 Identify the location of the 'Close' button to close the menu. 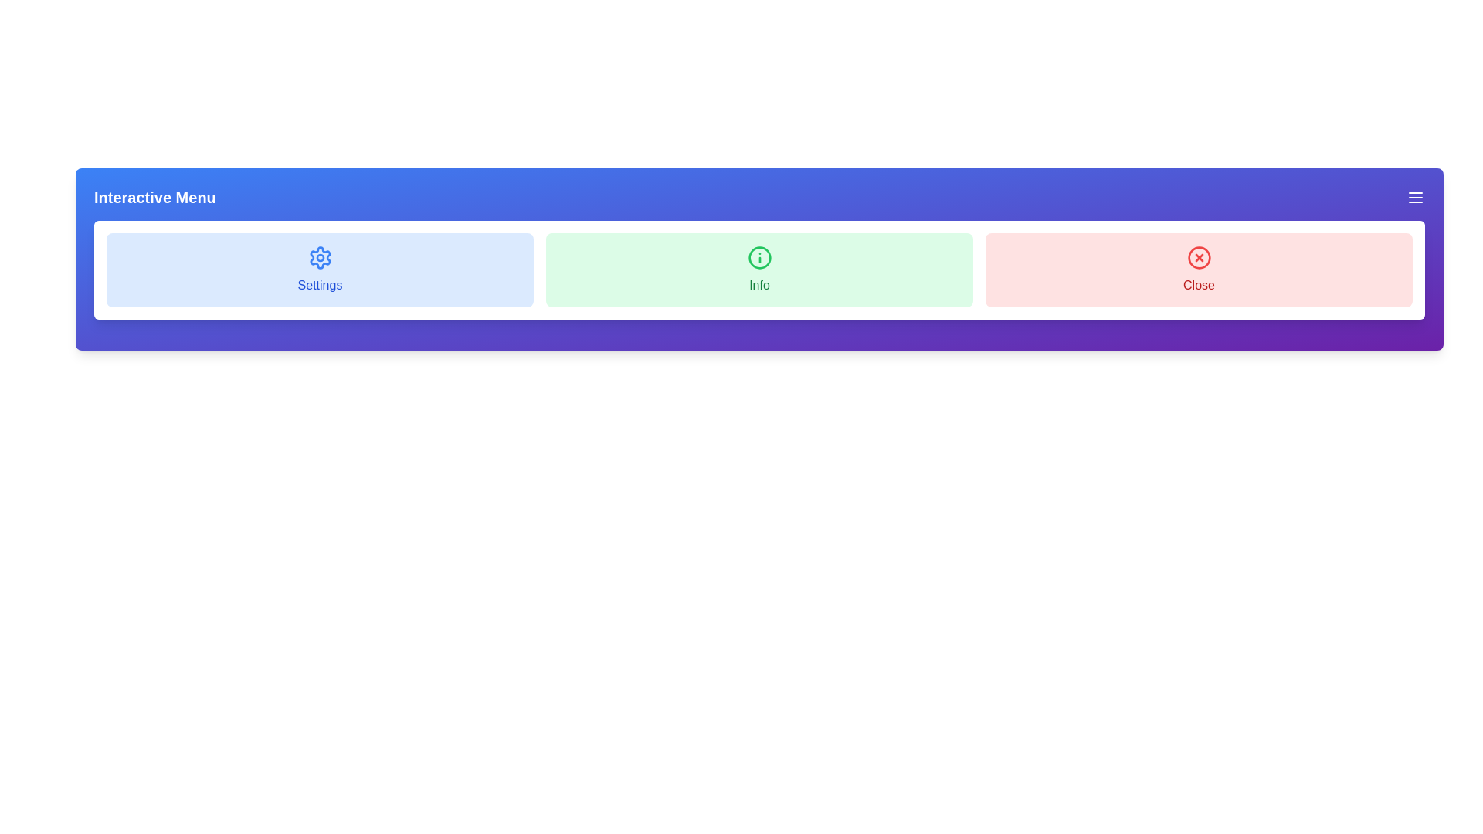
(1198, 270).